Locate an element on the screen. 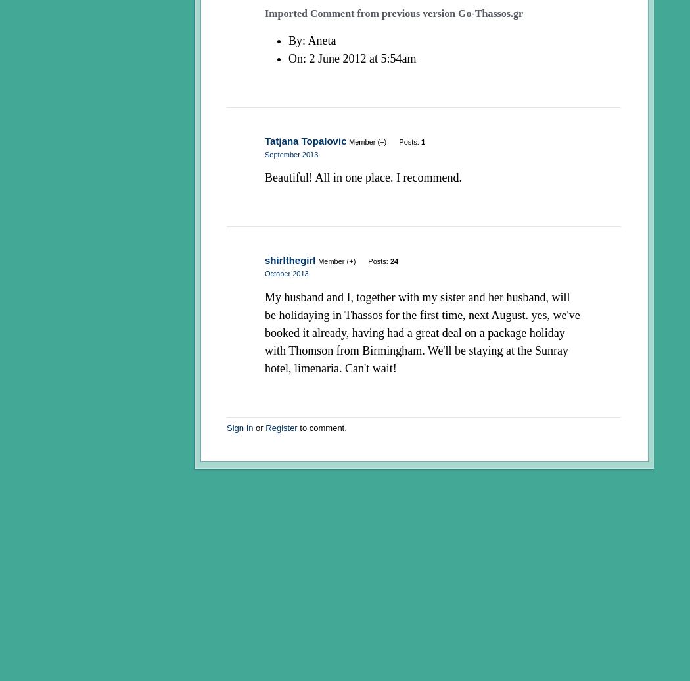  'Imported Comment from previous version Go-Thassos.gr' is located at coordinates (264, 13).